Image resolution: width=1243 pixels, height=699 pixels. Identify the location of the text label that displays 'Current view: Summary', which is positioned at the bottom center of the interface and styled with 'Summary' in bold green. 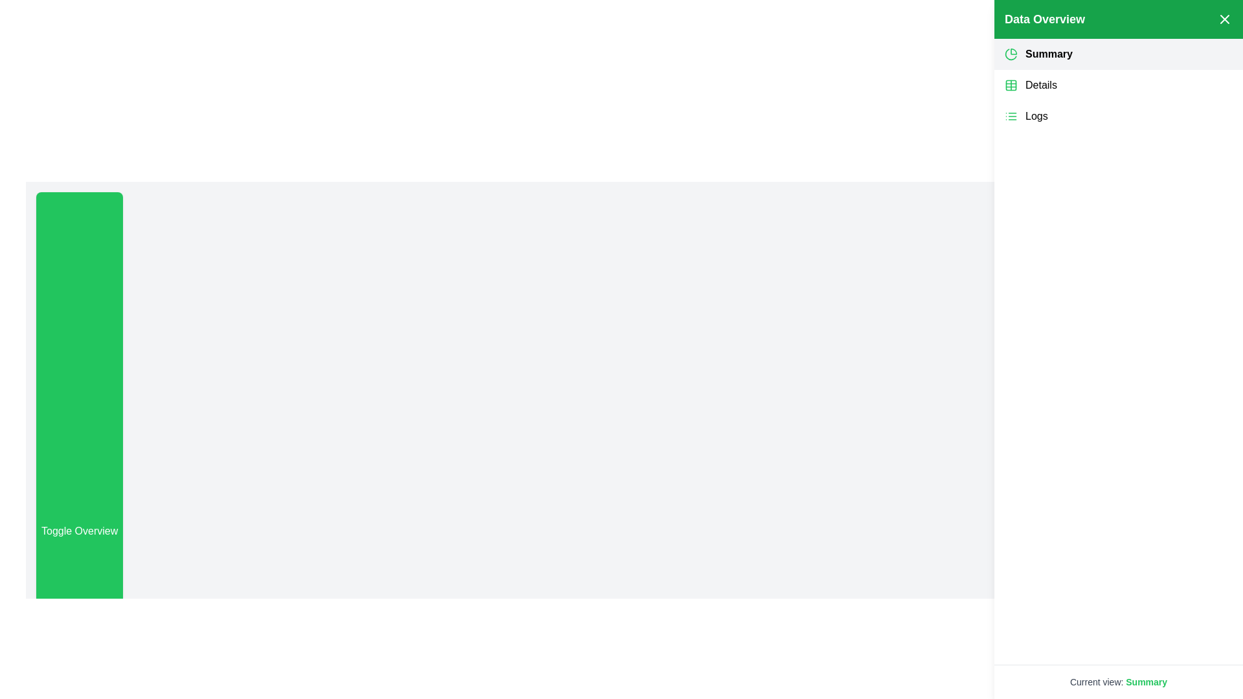
(1118, 681).